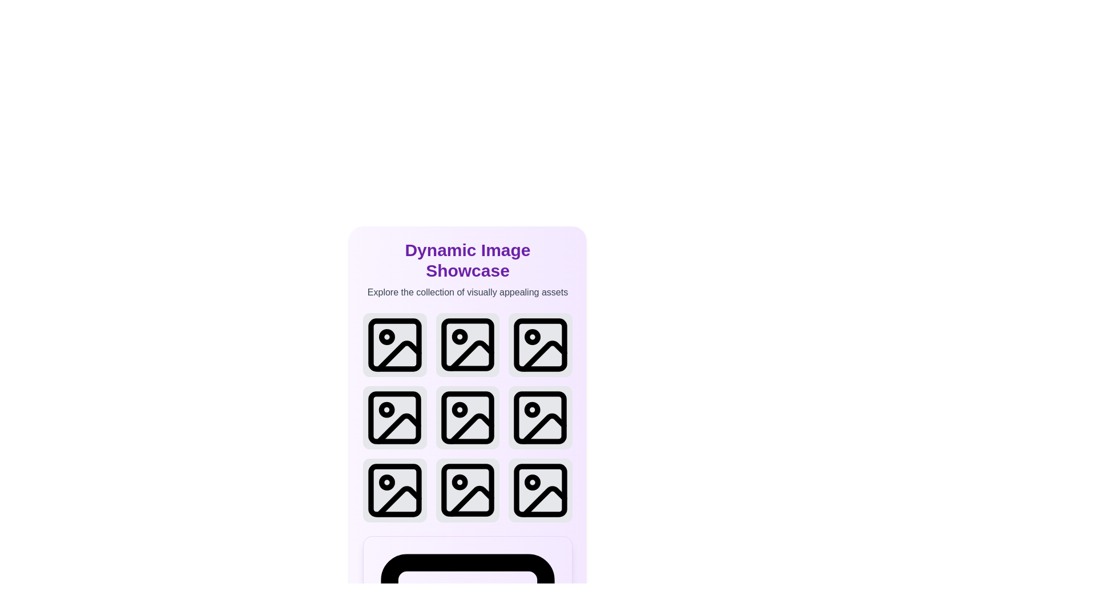 The height and width of the screenshot is (616, 1096). Describe the element at coordinates (540, 418) in the screenshot. I see `the image placeholder located in the third column of the second row of the 3x3 grid under 'Dynamic Image Showcase'` at that location.